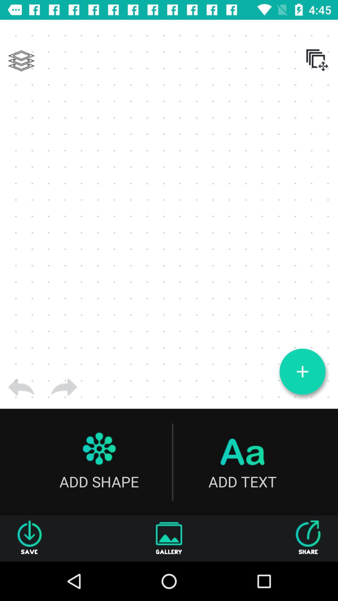 This screenshot has width=338, height=601. What do you see at coordinates (21, 61) in the screenshot?
I see `to library` at bounding box center [21, 61].